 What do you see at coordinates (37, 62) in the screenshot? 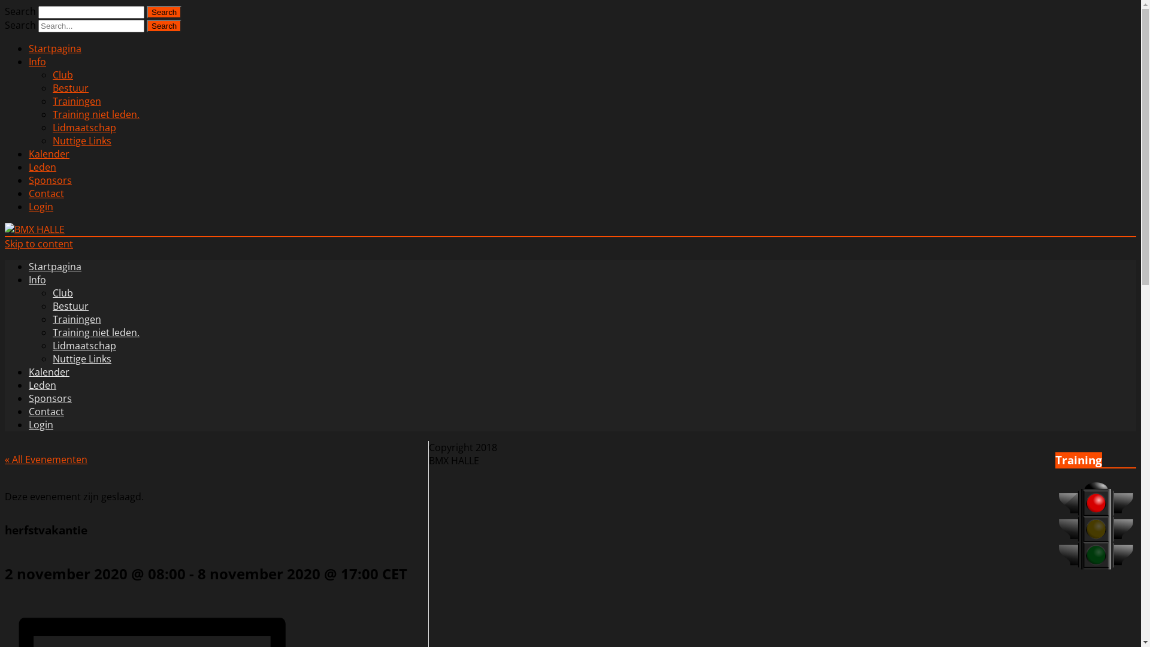
I see `'Info'` at bounding box center [37, 62].